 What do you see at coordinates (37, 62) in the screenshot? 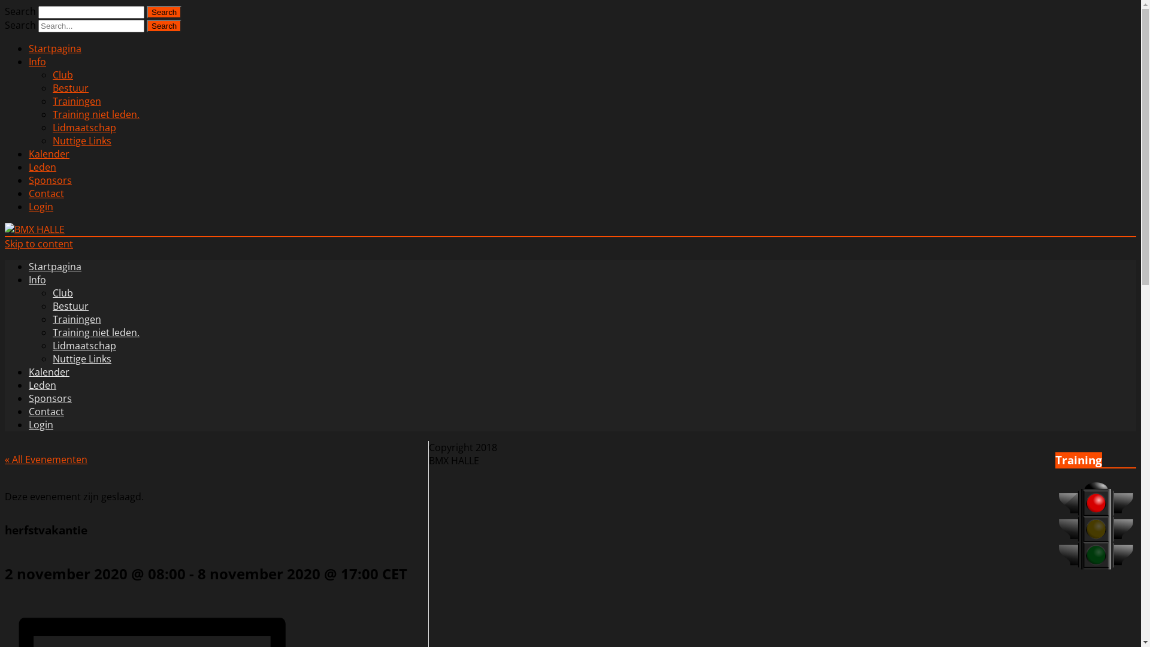
I see `'Info'` at bounding box center [37, 62].